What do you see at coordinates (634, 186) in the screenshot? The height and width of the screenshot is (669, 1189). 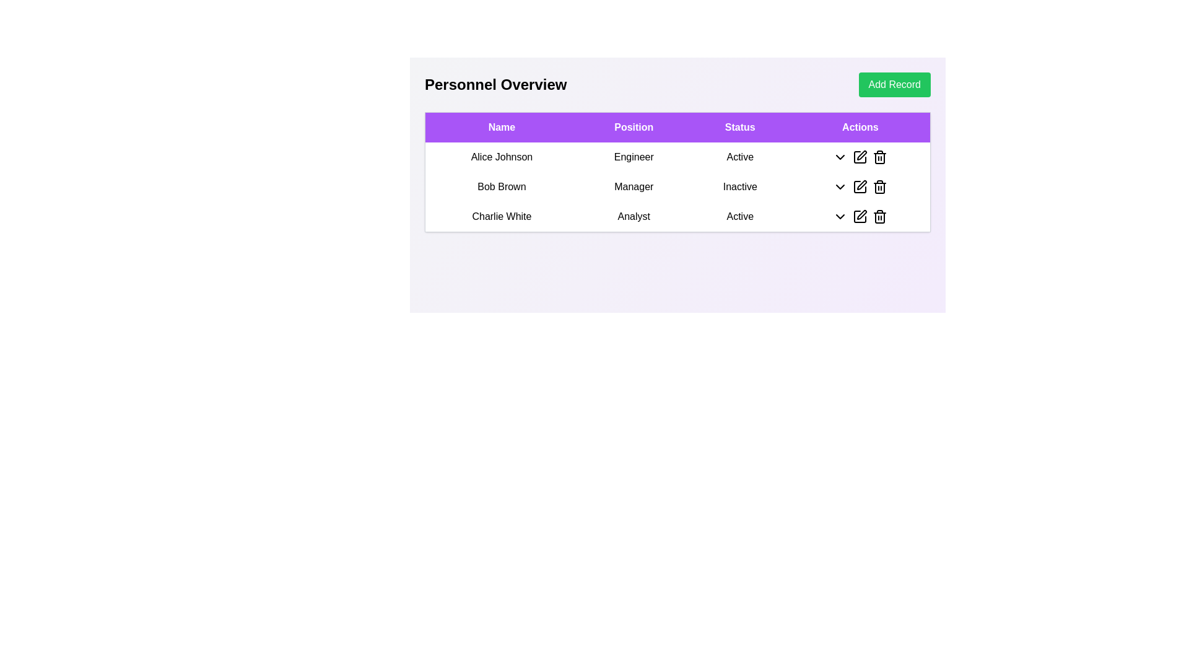 I see `the 'Manager' text label that indicates the position of 'Bob Brown' in the second row of the table under the 'Position' column` at bounding box center [634, 186].